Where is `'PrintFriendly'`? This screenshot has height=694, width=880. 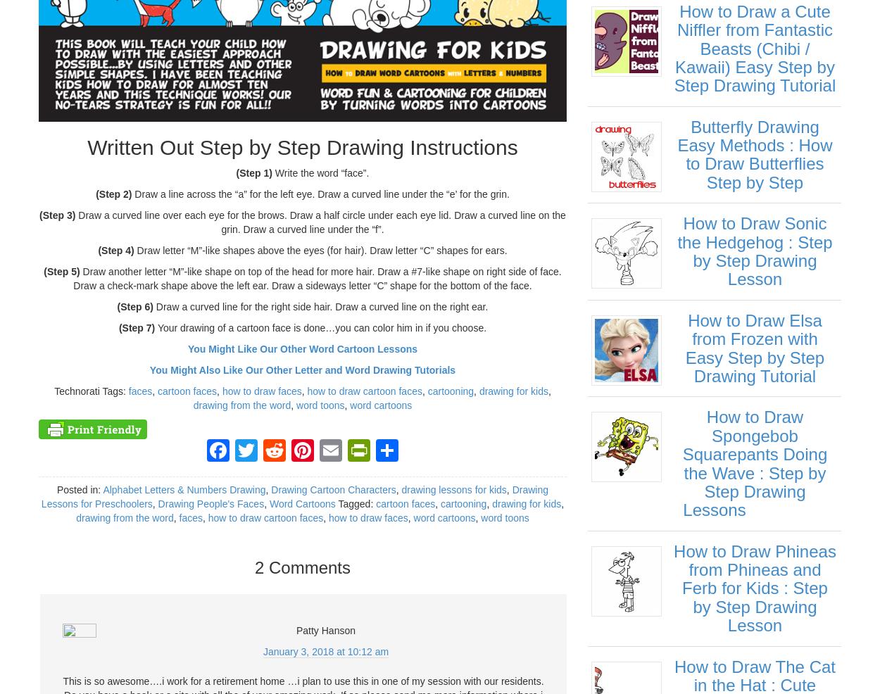
'PrintFriendly' is located at coordinates (382, 529).